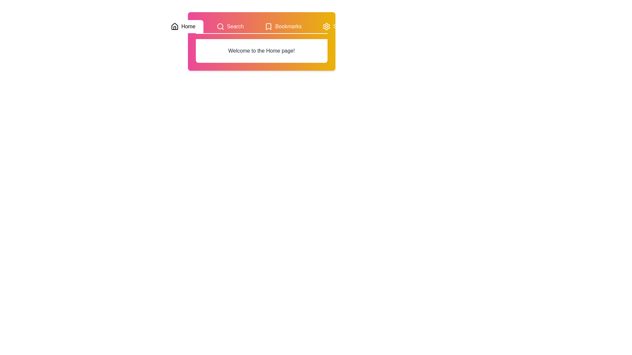 Image resolution: width=632 pixels, height=355 pixels. I want to click on the currently active tab in the navigation bar, so click(183, 26).